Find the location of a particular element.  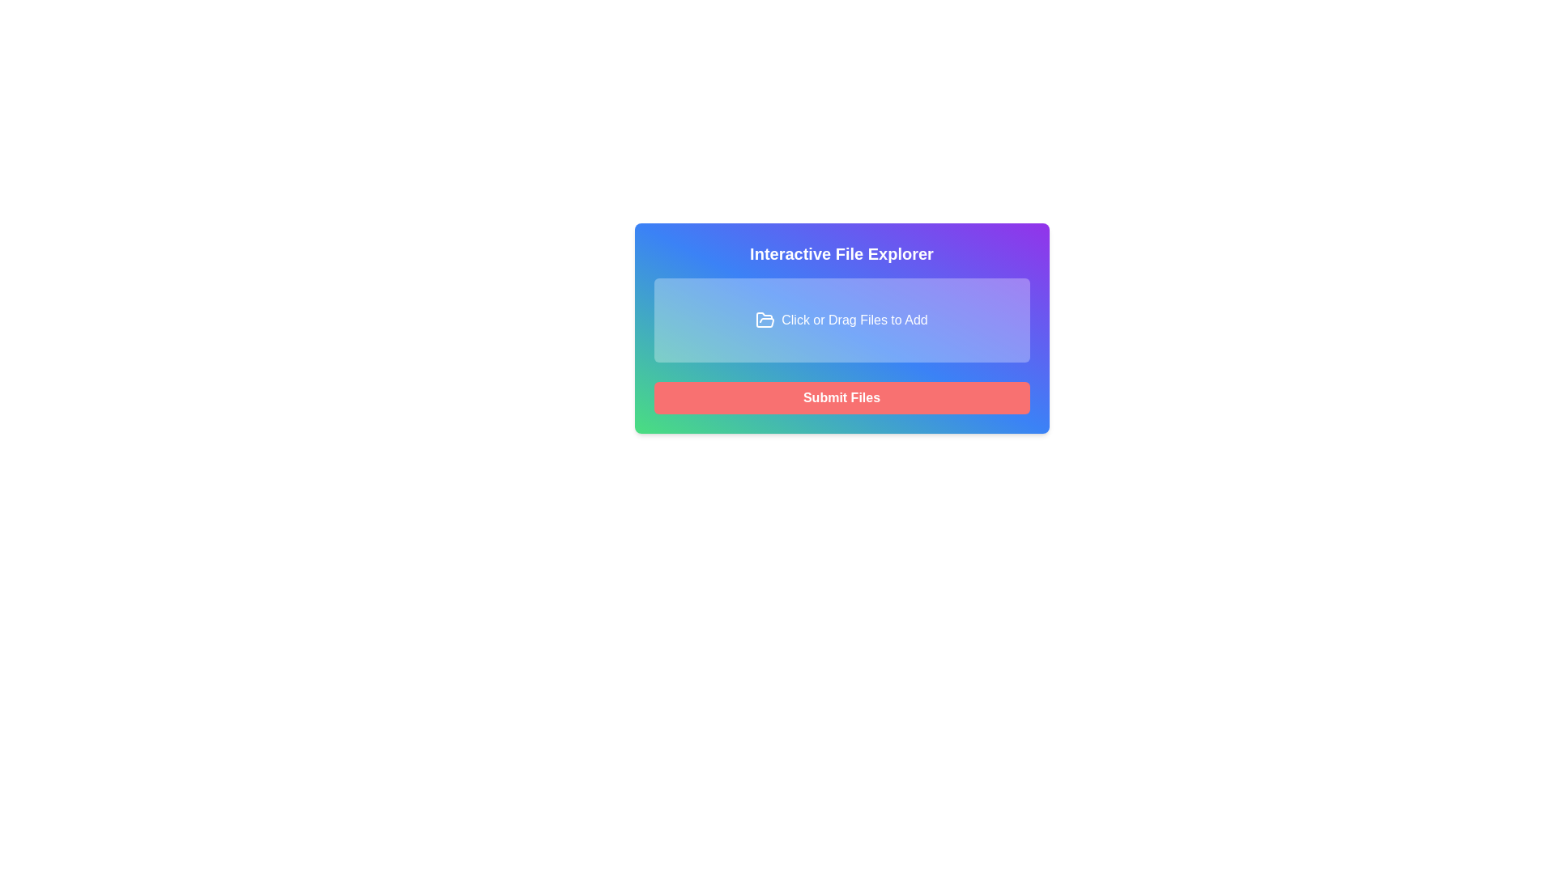

the interactive file input area with a gradient background and the text 'Click or Drag Files is located at coordinates (841, 320).